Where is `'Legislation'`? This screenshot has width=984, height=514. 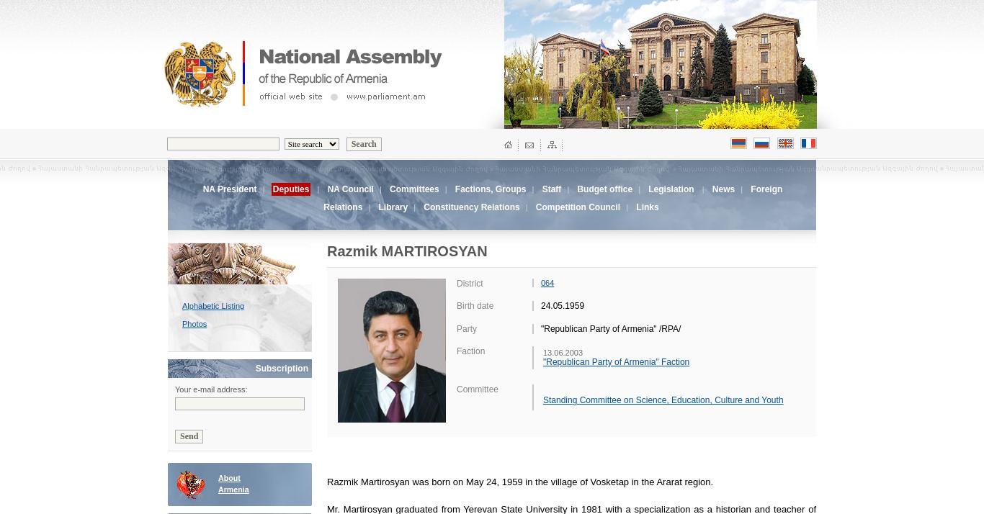 'Legislation' is located at coordinates (671, 189).